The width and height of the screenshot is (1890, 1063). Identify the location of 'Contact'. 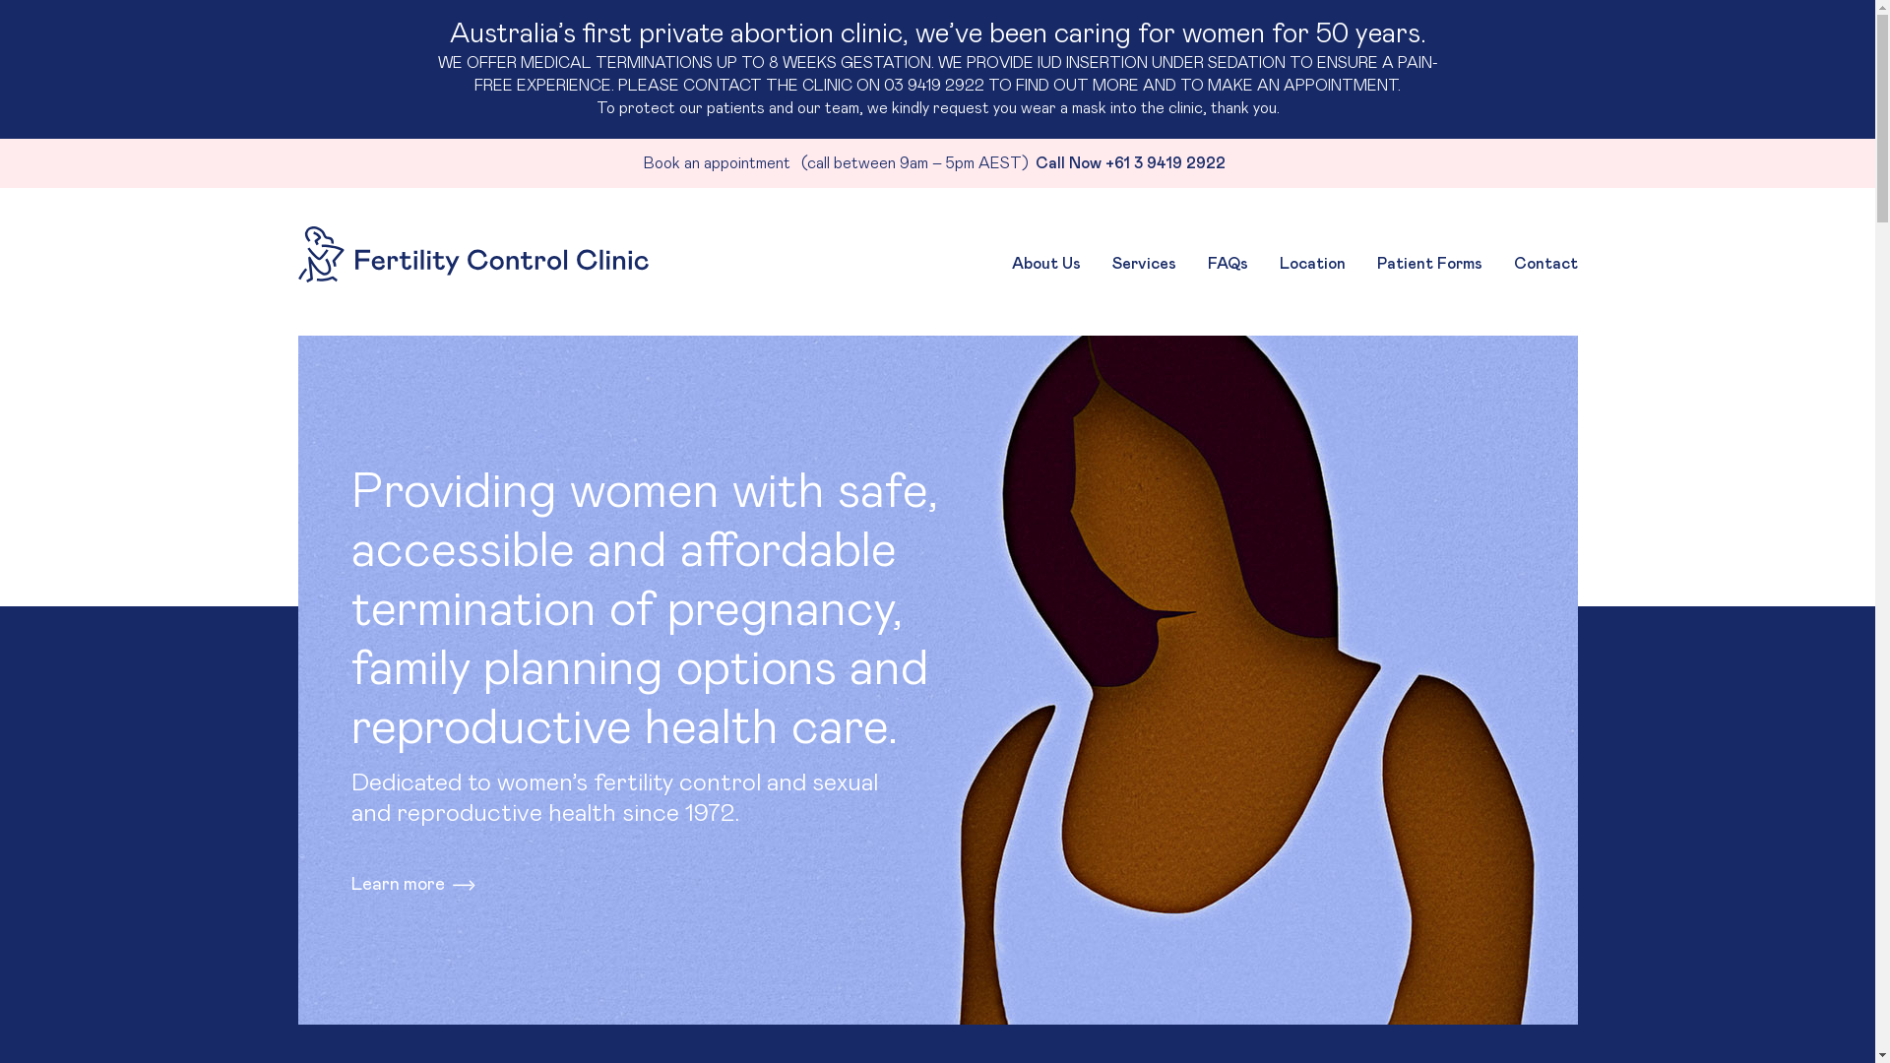
(1512, 264).